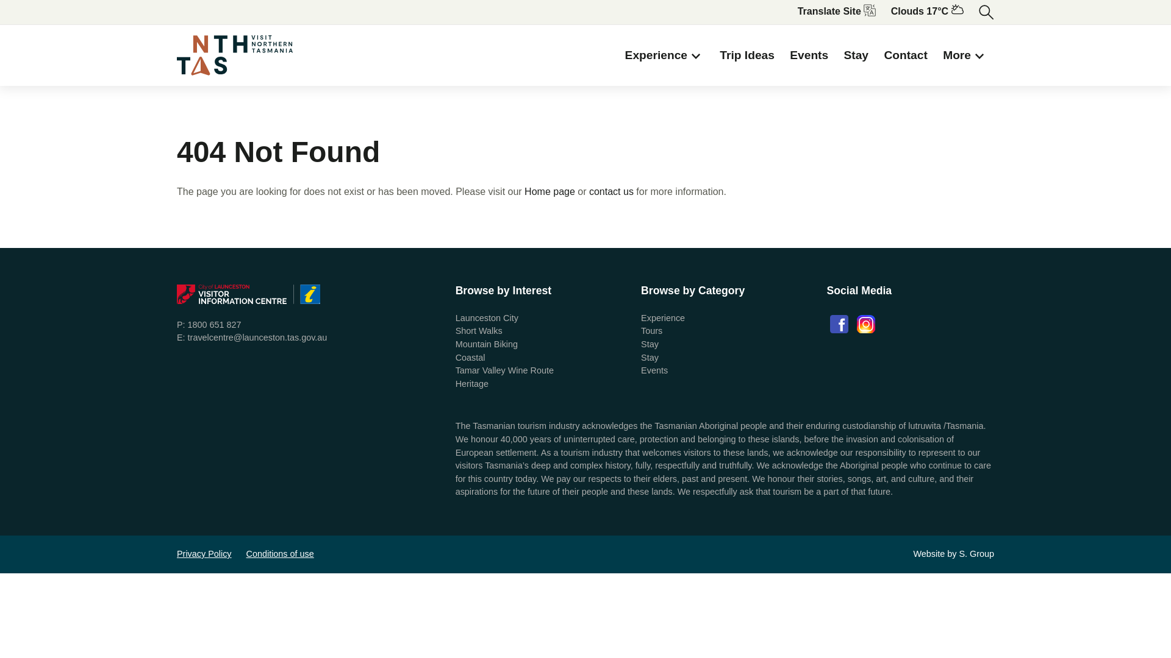 The image size is (1171, 658). I want to click on 'Conditions of use', so click(279, 554).